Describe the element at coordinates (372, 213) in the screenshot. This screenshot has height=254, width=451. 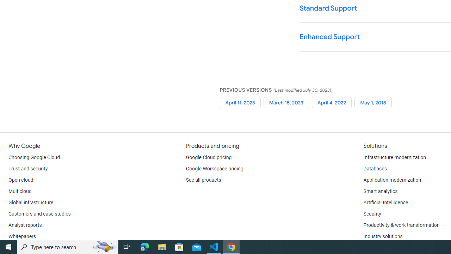
I see `'Security'` at that location.